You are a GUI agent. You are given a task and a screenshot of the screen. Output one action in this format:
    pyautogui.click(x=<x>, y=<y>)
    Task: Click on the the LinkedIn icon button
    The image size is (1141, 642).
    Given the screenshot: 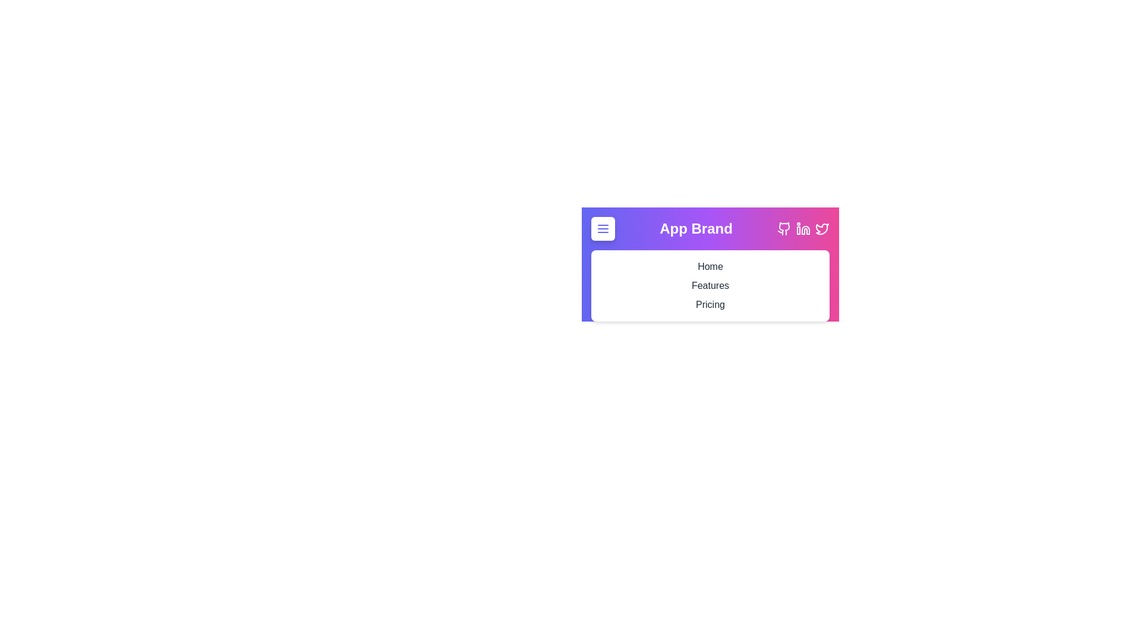 What is the action you would take?
    pyautogui.click(x=803, y=229)
    